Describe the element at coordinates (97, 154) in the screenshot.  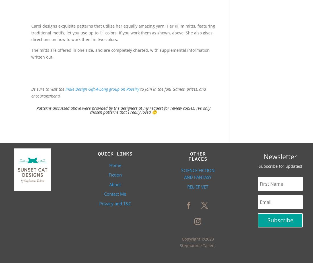
I see `'Quick Links'` at that location.